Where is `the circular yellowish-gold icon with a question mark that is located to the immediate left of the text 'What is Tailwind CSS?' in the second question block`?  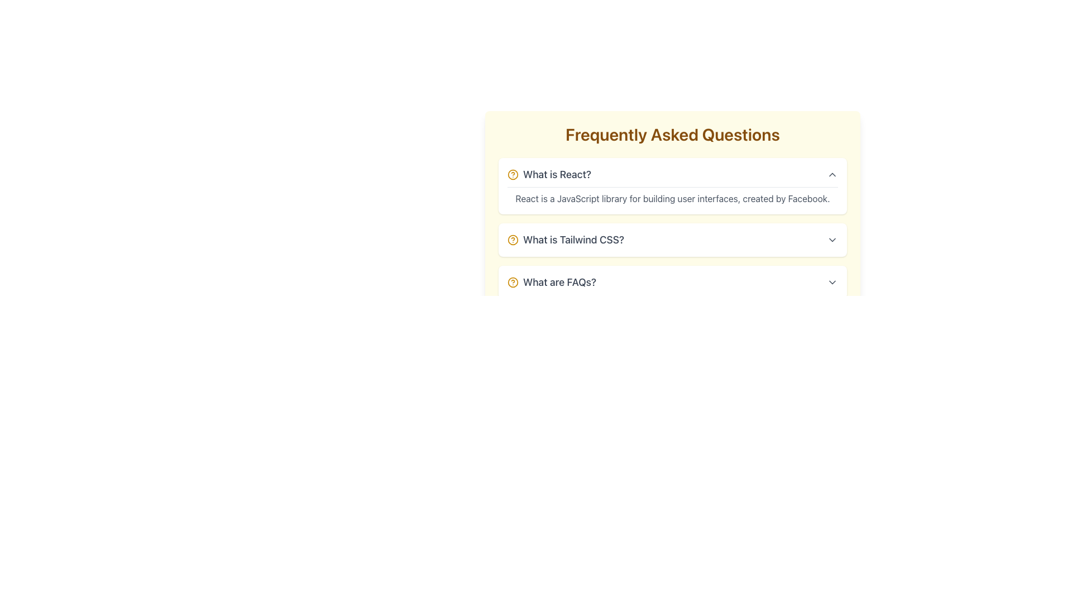
the circular yellowish-gold icon with a question mark that is located to the immediate left of the text 'What is Tailwind CSS?' in the second question block is located at coordinates (512, 239).